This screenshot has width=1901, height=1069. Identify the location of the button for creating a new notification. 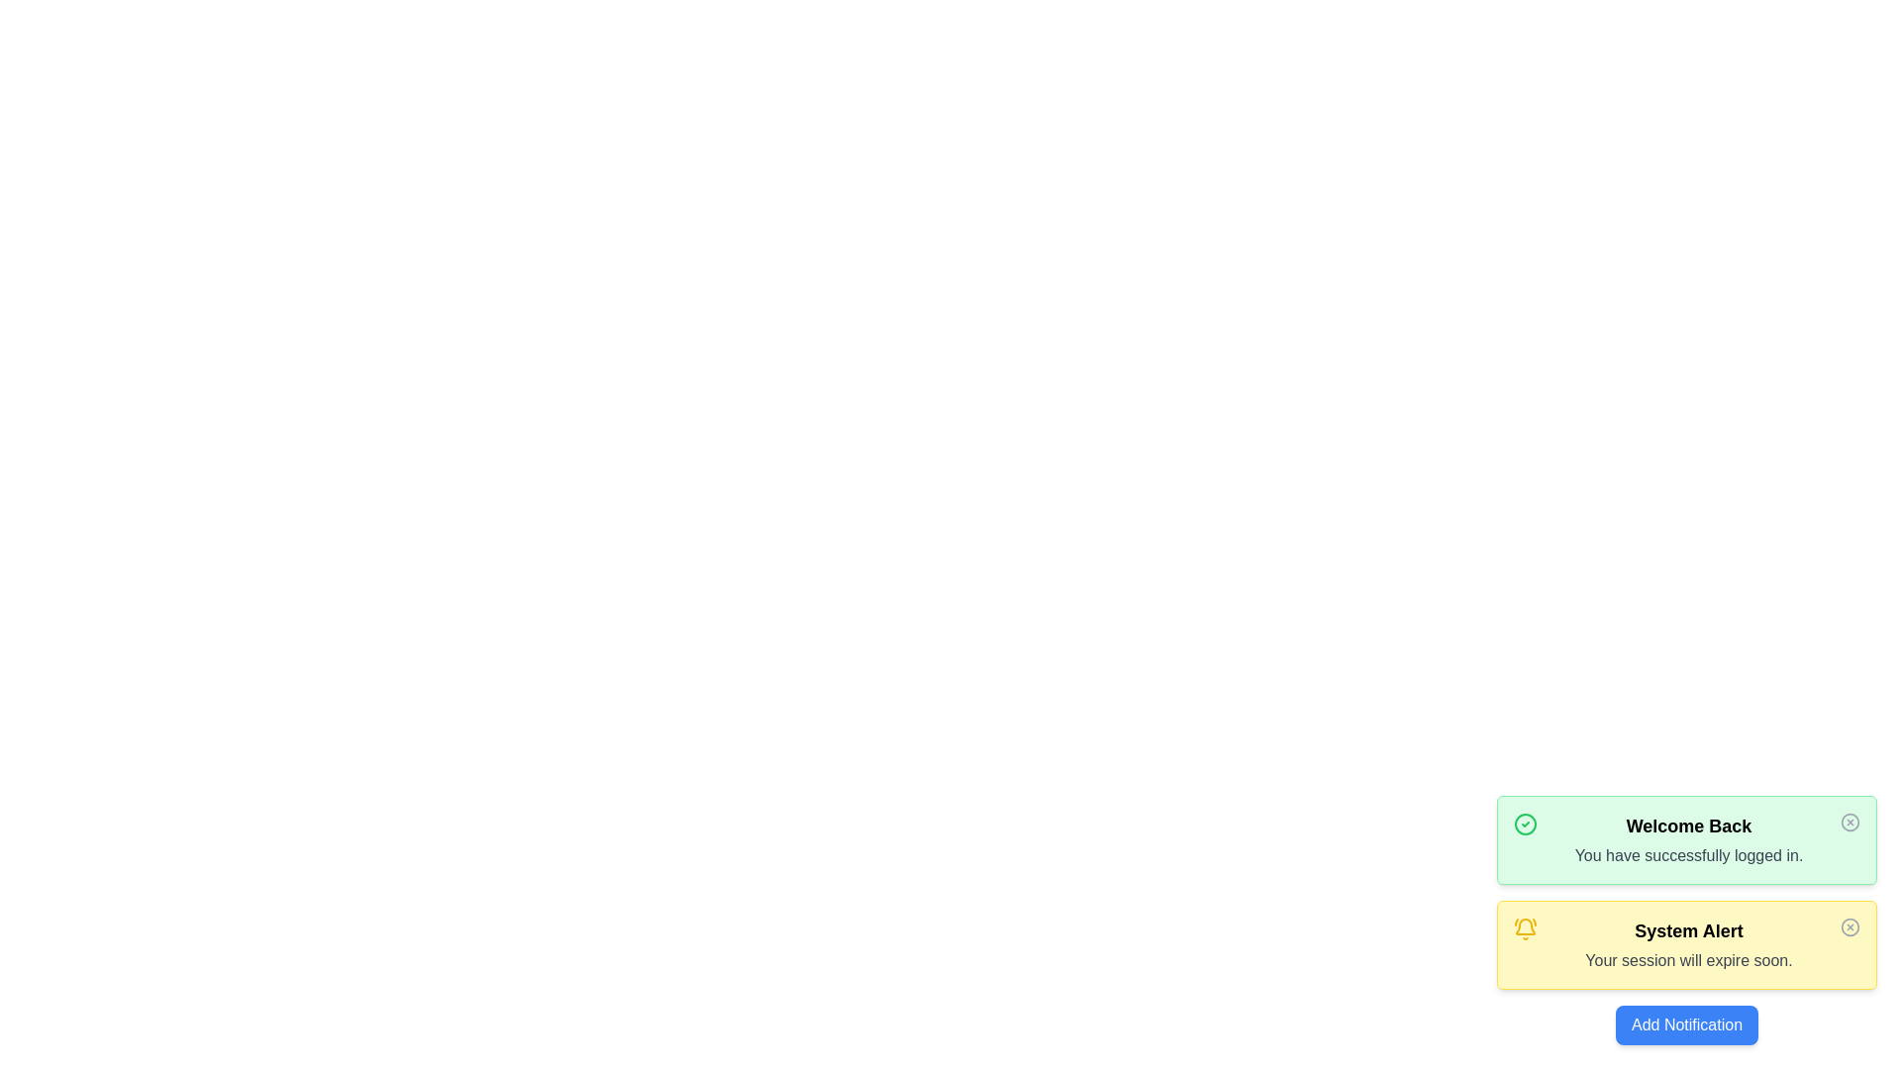
(1686, 1024).